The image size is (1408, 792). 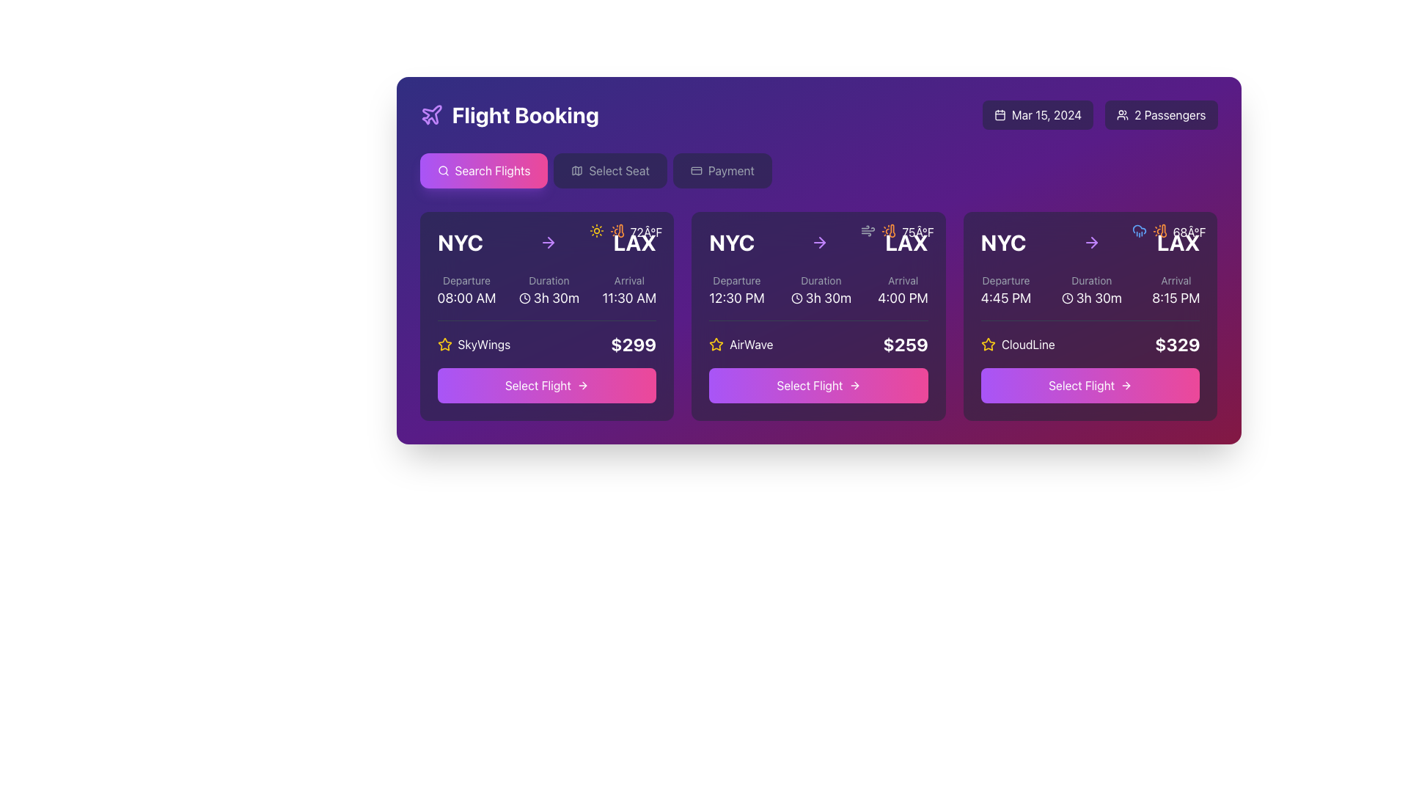 What do you see at coordinates (550, 242) in the screenshot?
I see `the right-pointing purple arrow icon located between the 'NYC' and 'LAX' labels in the second flight information card` at bounding box center [550, 242].